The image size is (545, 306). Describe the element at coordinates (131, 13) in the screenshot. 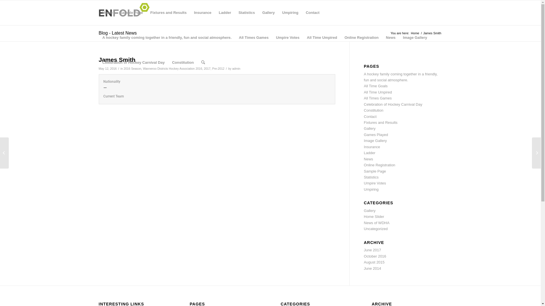

I see `'Sample Page'` at that location.